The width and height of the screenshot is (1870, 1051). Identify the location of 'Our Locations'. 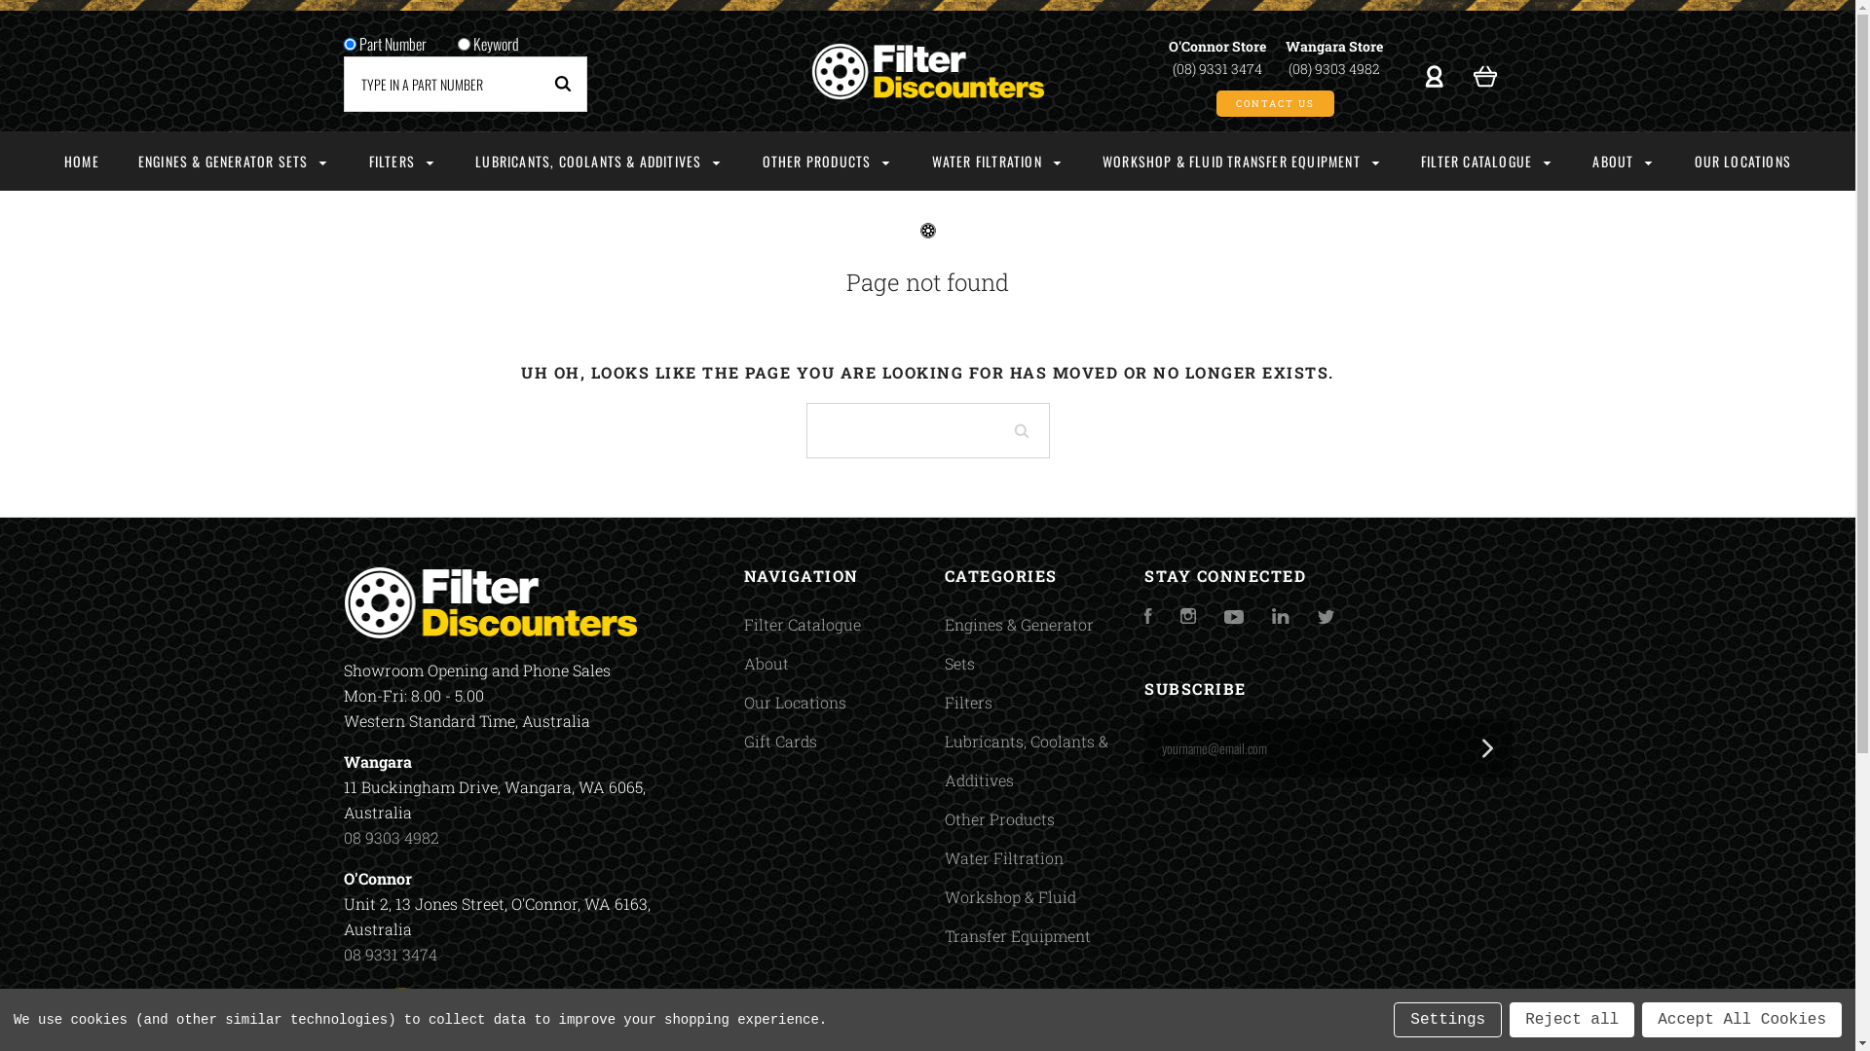
(795, 702).